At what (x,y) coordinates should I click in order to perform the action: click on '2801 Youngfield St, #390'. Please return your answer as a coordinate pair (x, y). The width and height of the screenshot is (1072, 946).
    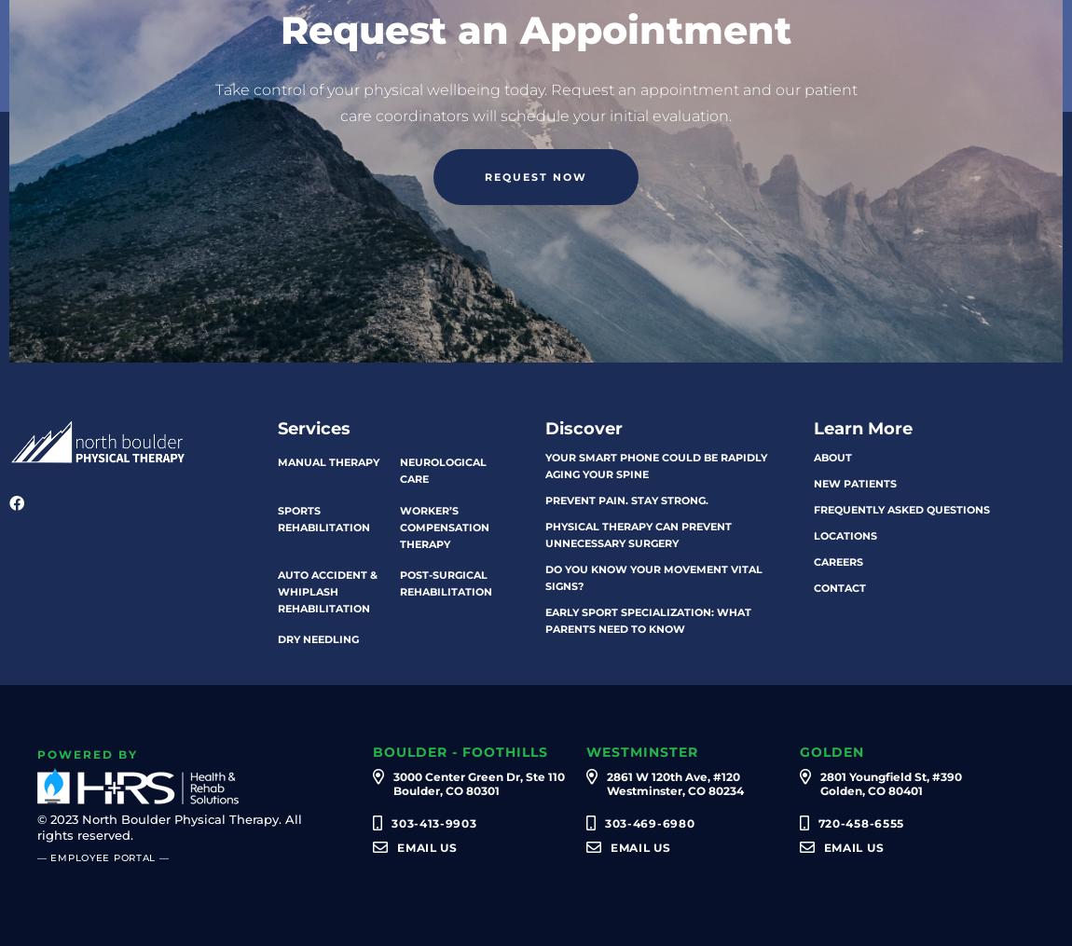
    Looking at the image, I should click on (889, 776).